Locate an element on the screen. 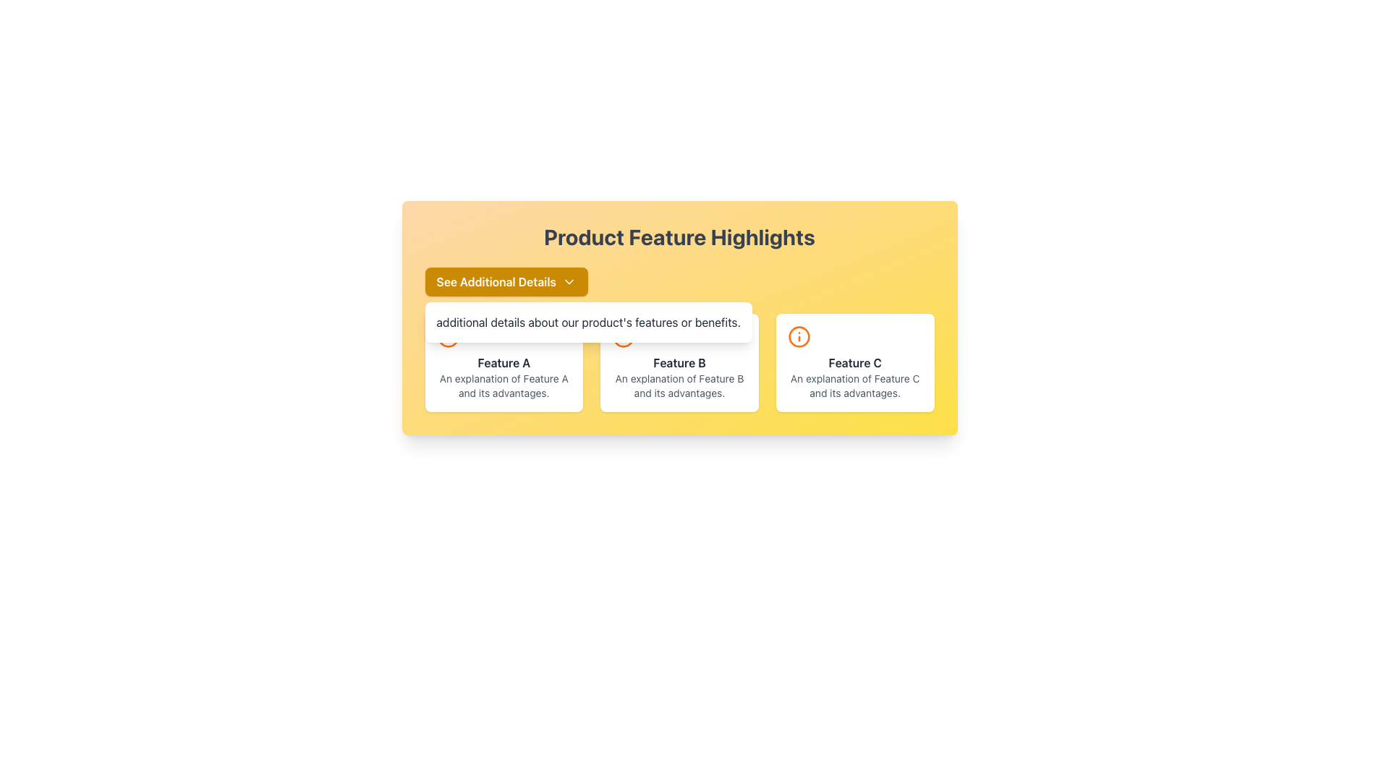 The width and height of the screenshot is (1389, 781). the hollow circle icon within the 'Feature C' section to signal information or emphasis is located at coordinates (447, 337).